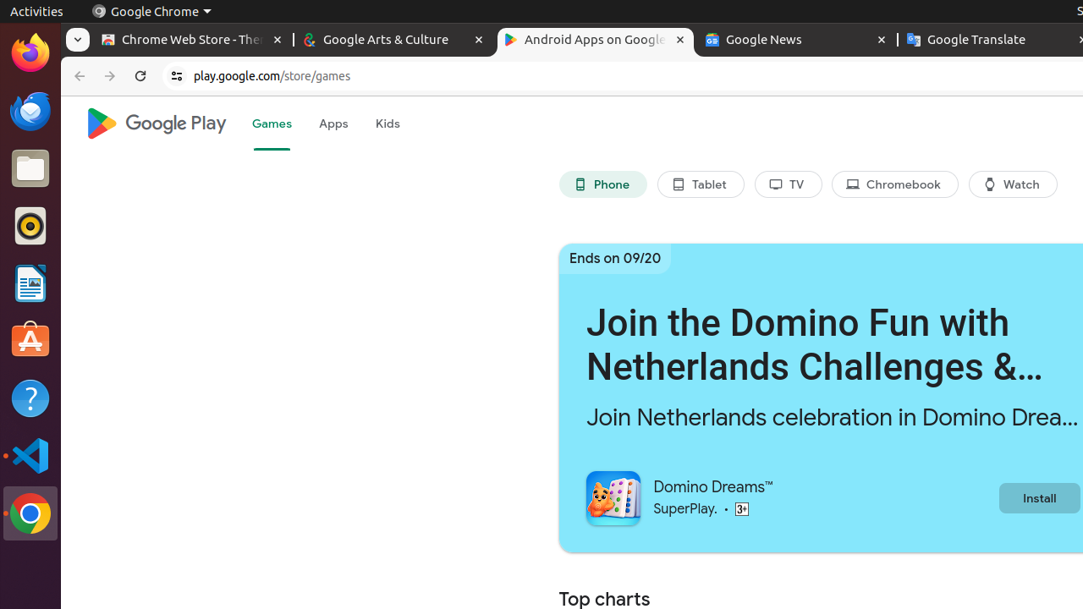 The width and height of the screenshot is (1083, 609). What do you see at coordinates (140, 76) in the screenshot?
I see `'Reload'` at bounding box center [140, 76].